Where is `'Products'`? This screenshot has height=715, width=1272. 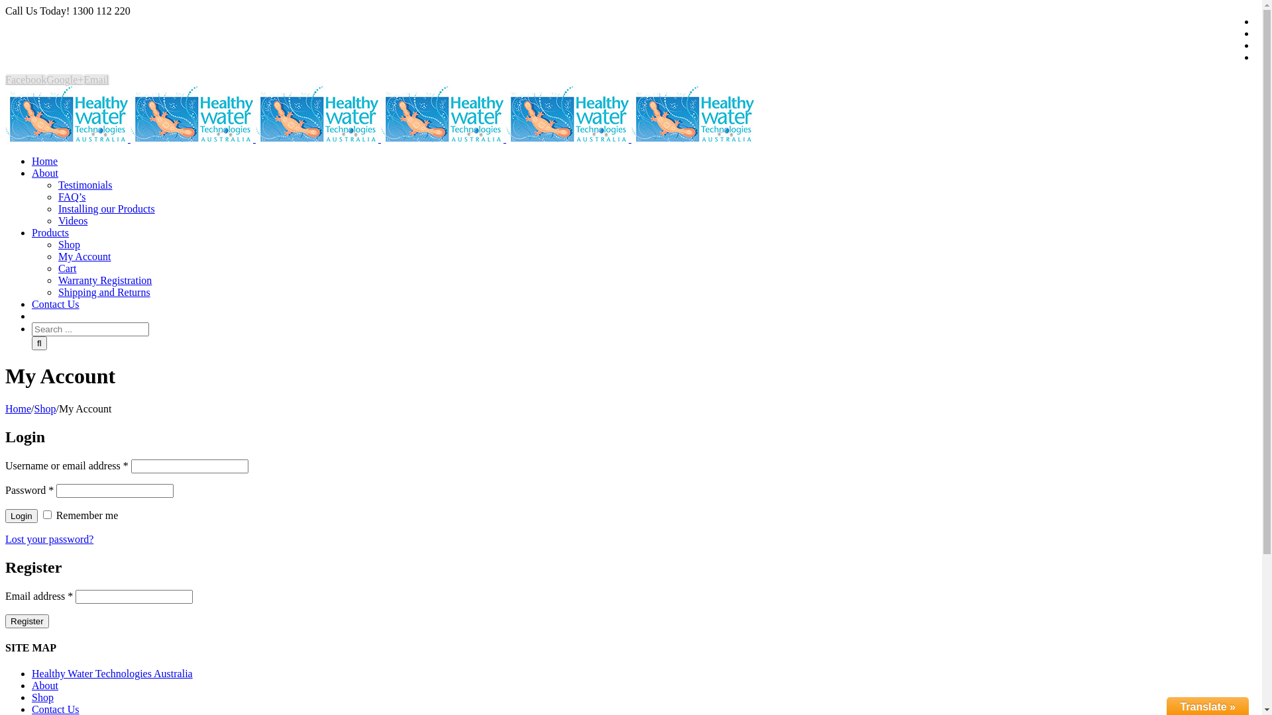
'Products' is located at coordinates (50, 232).